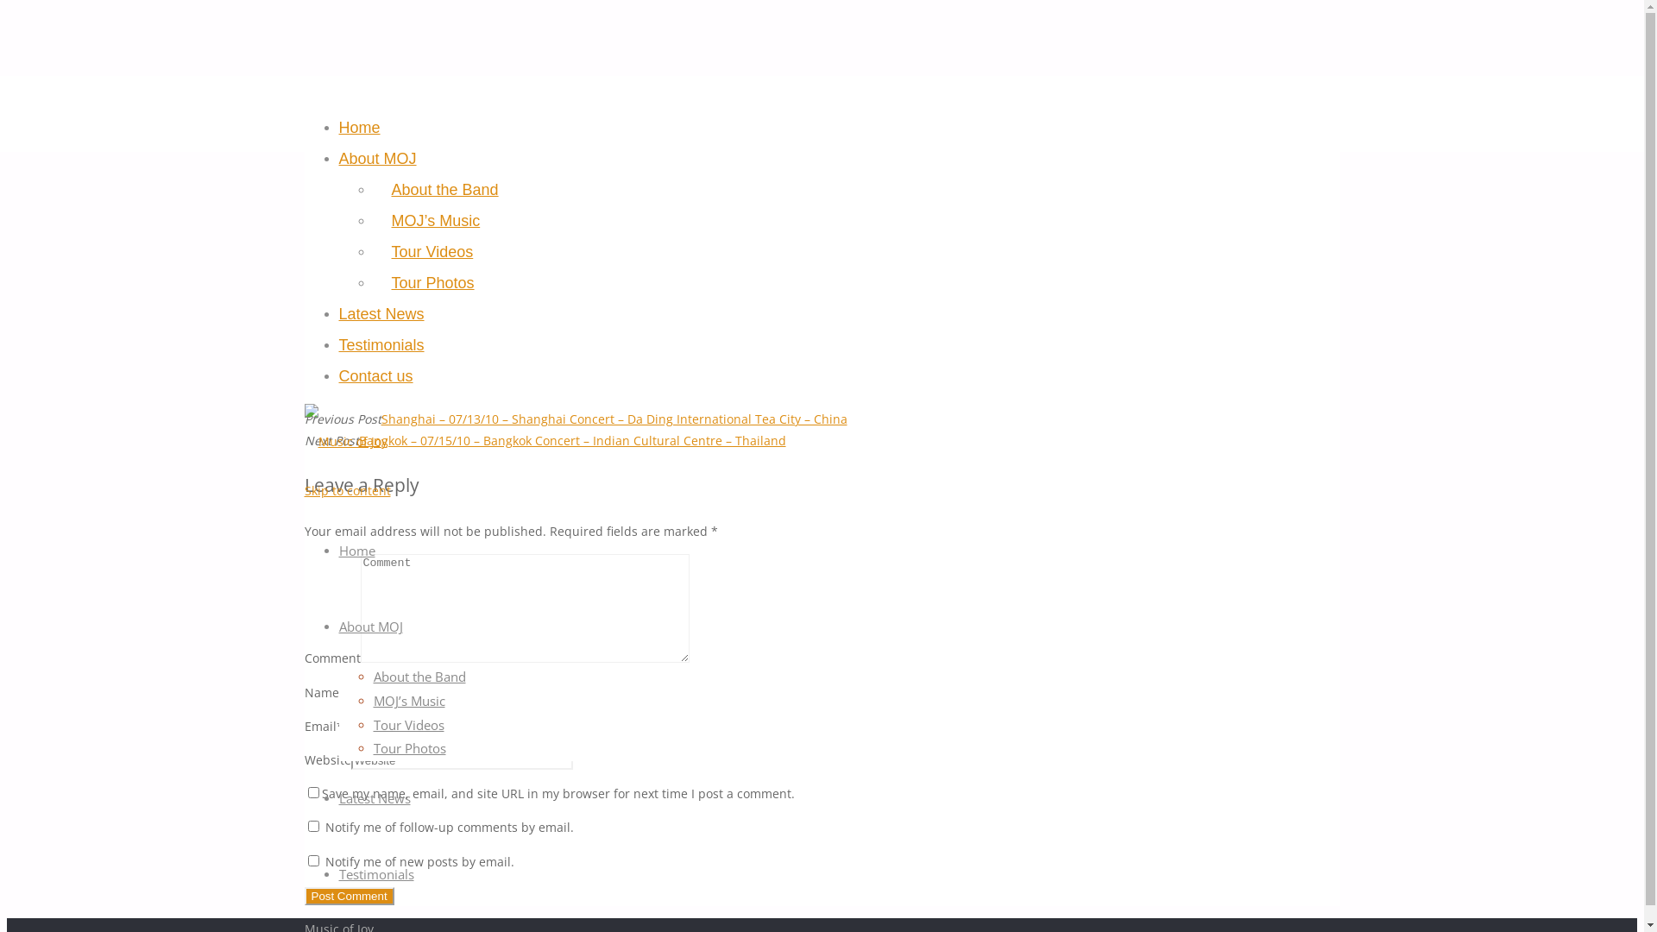  I want to click on 'Home', so click(338, 127).